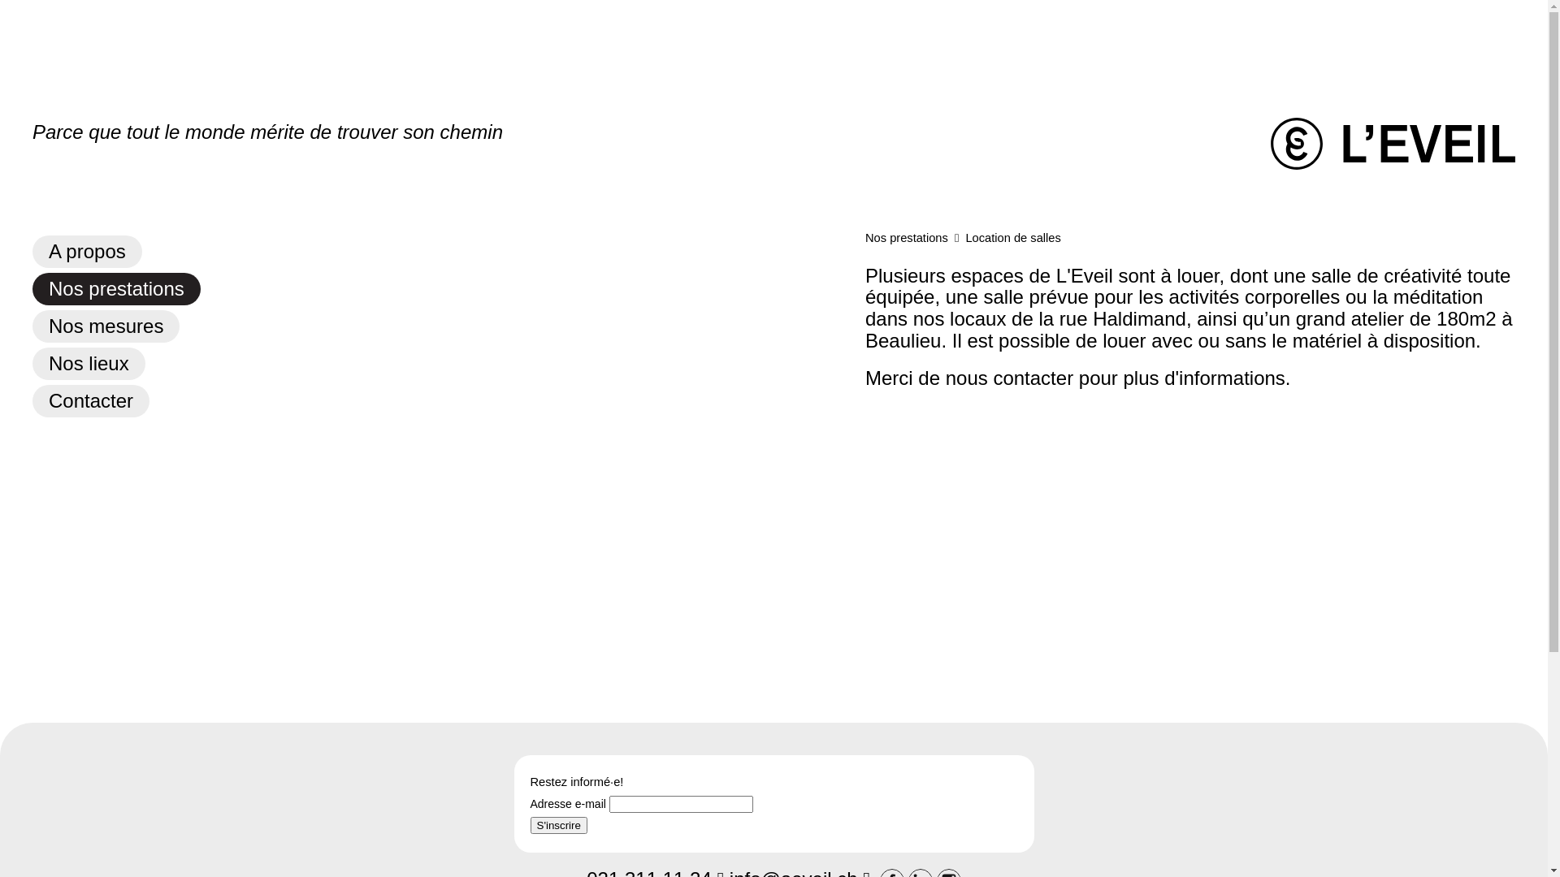  Describe the element at coordinates (105, 326) in the screenshot. I see `'Nos mesures'` at that location.